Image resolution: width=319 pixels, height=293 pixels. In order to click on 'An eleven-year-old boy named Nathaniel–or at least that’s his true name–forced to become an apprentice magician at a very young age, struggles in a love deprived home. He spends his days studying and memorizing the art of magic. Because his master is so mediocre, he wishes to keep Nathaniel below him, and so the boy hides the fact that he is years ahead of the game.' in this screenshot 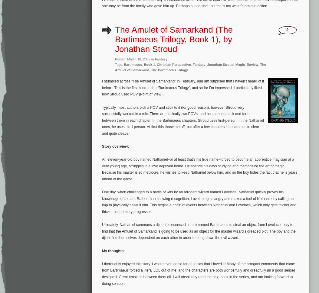, I will do `click(199, 169)`.